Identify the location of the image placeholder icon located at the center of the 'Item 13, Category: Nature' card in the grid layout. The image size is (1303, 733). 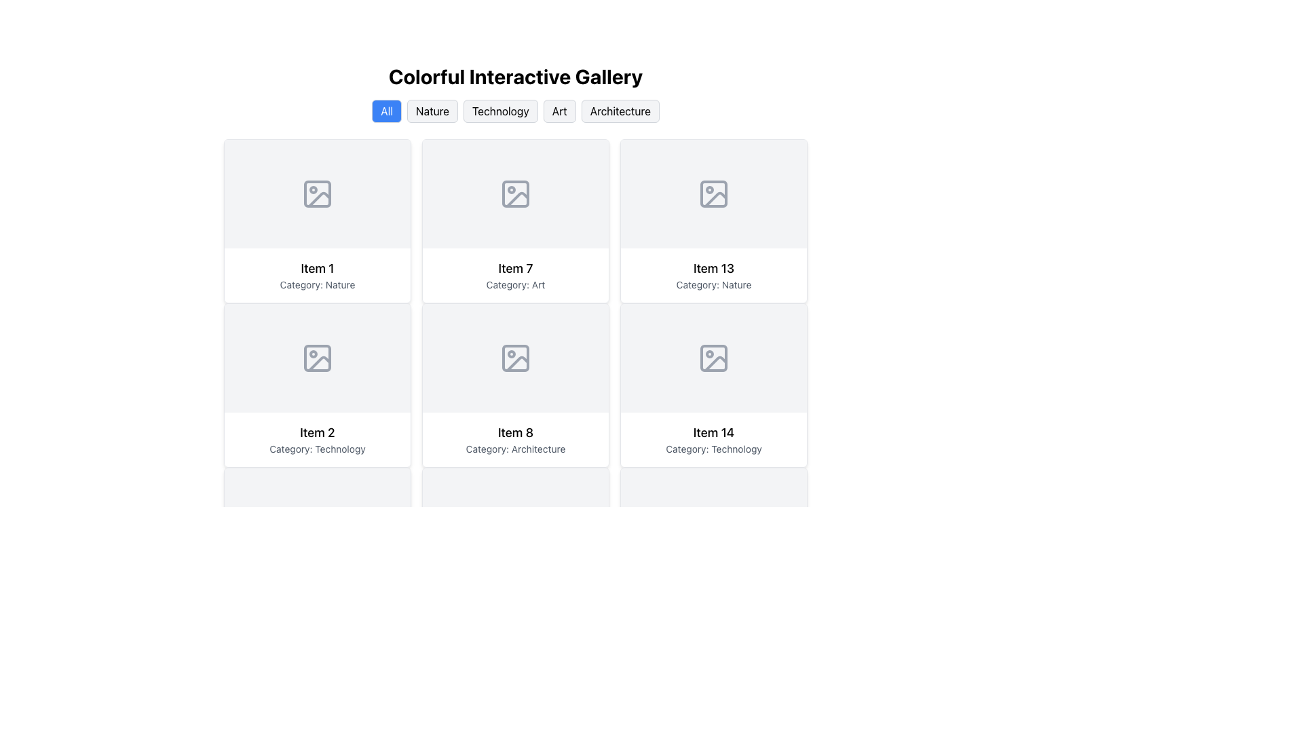
(713, 193).